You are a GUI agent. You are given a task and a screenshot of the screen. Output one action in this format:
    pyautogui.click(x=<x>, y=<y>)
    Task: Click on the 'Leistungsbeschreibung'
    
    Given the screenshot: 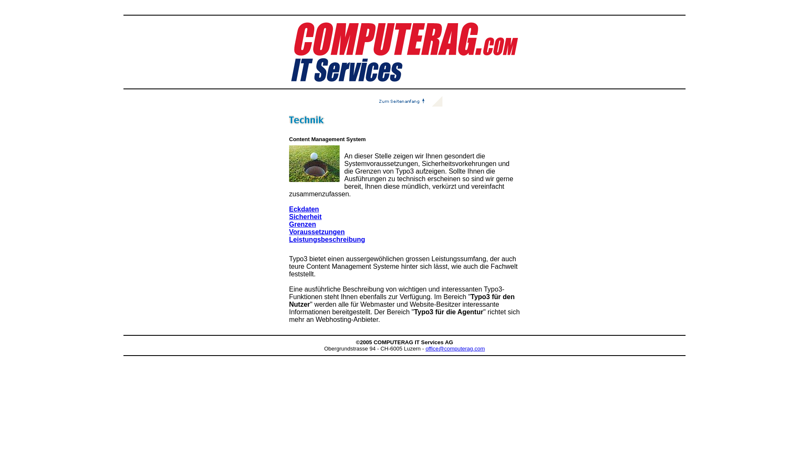 What is the action you would take?
    pyautogui.click(x=327, y=239)
    